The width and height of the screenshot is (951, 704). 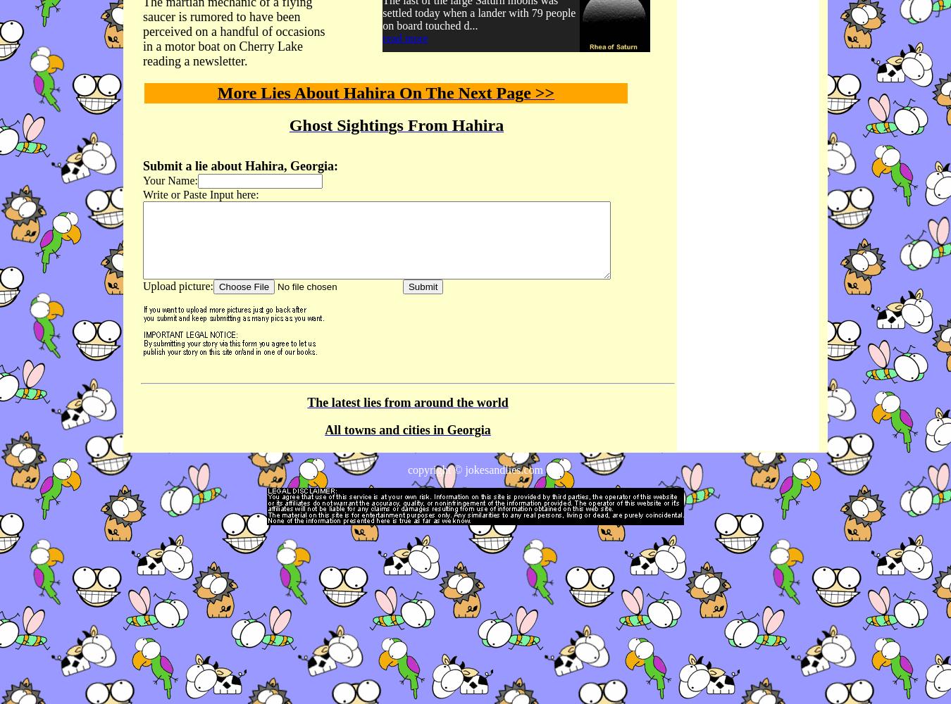 What do you see at coordinates (177, 286) in the screenshot?
I see `'Upload picture:'` at bounding box center [177, 286].